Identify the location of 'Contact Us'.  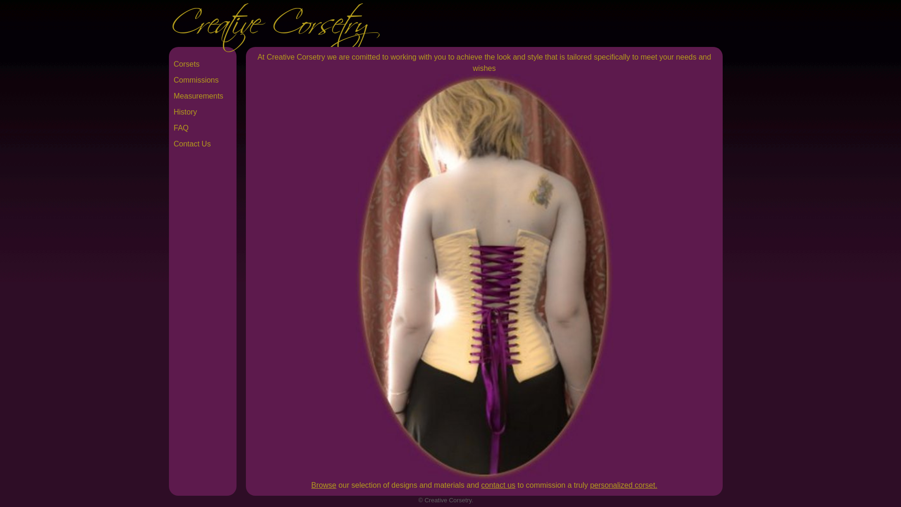
(202, 144).